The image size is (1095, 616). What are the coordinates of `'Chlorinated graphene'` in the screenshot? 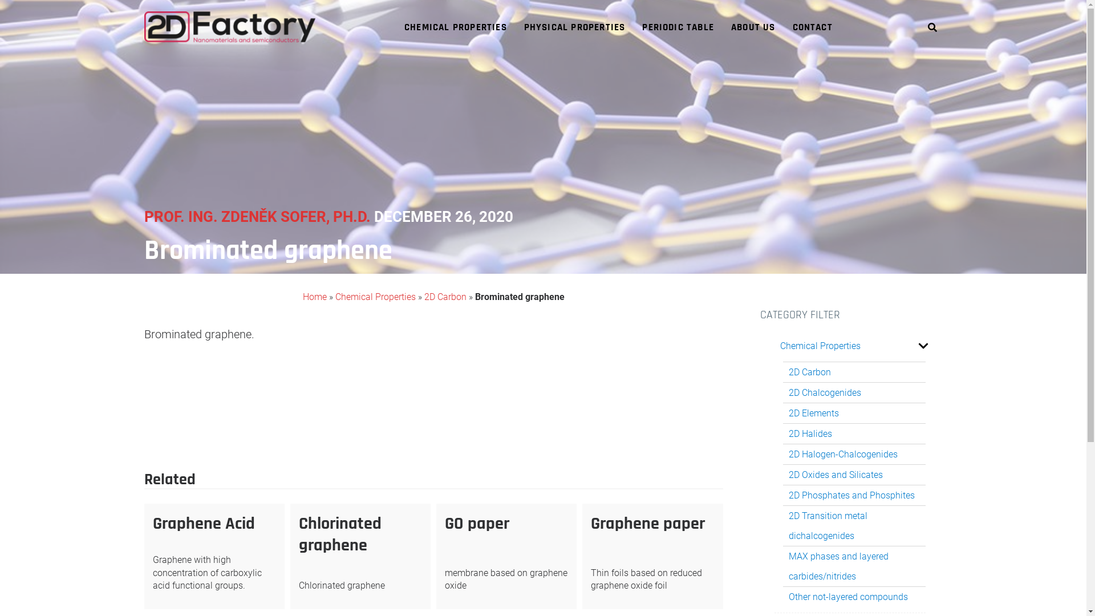 It's located at (200, 437).